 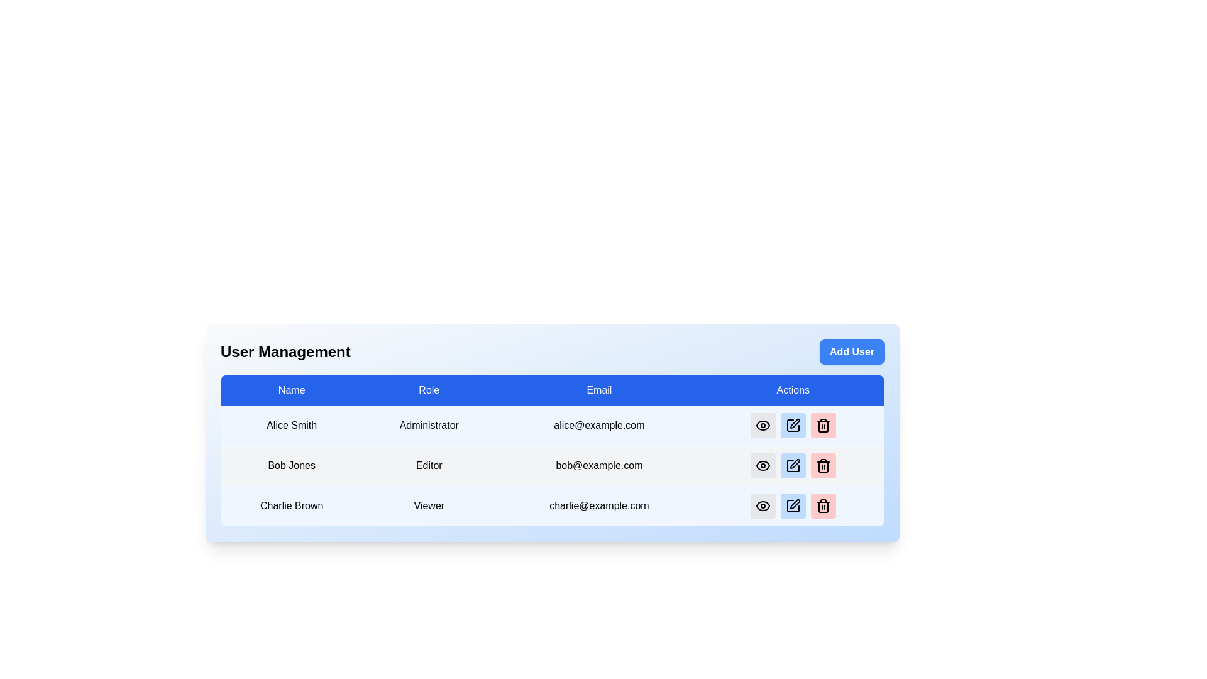 I want to click on the edit icon, which is a small black icon resembling a pen-tip or pencil, located in the second position of the action icons for 'Charlie Brown, Viewer', so click(x=794, y=504).